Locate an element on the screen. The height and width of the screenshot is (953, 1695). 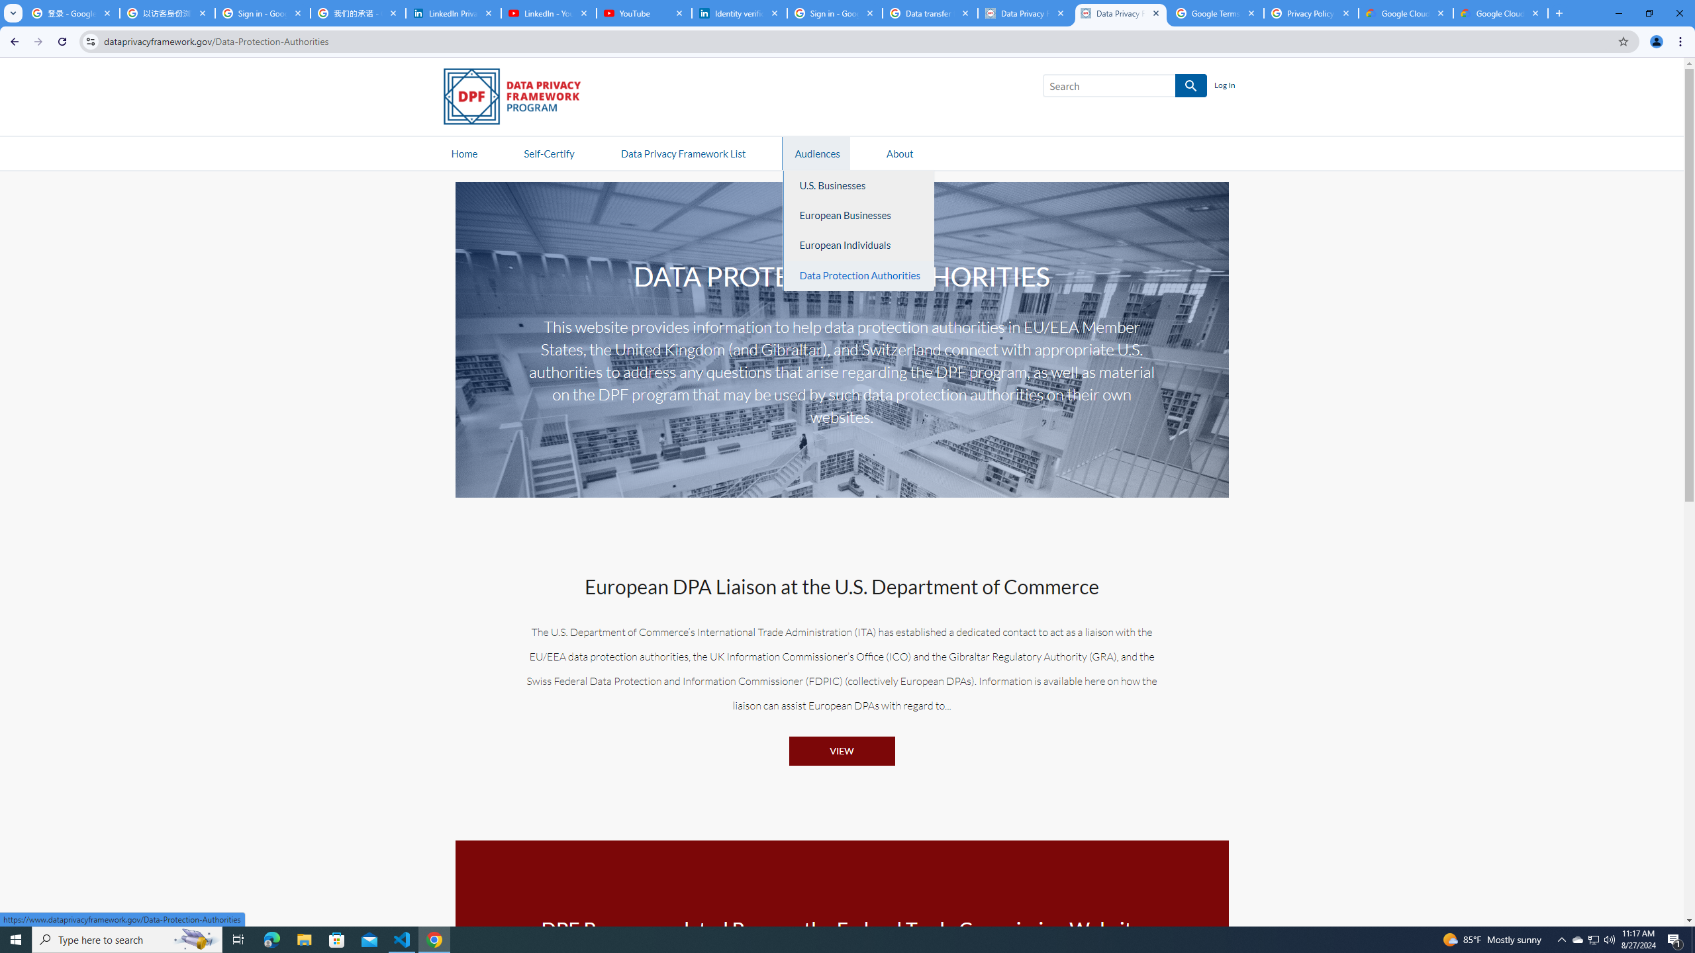
'Audiences' is located at coordinates (818, 152).